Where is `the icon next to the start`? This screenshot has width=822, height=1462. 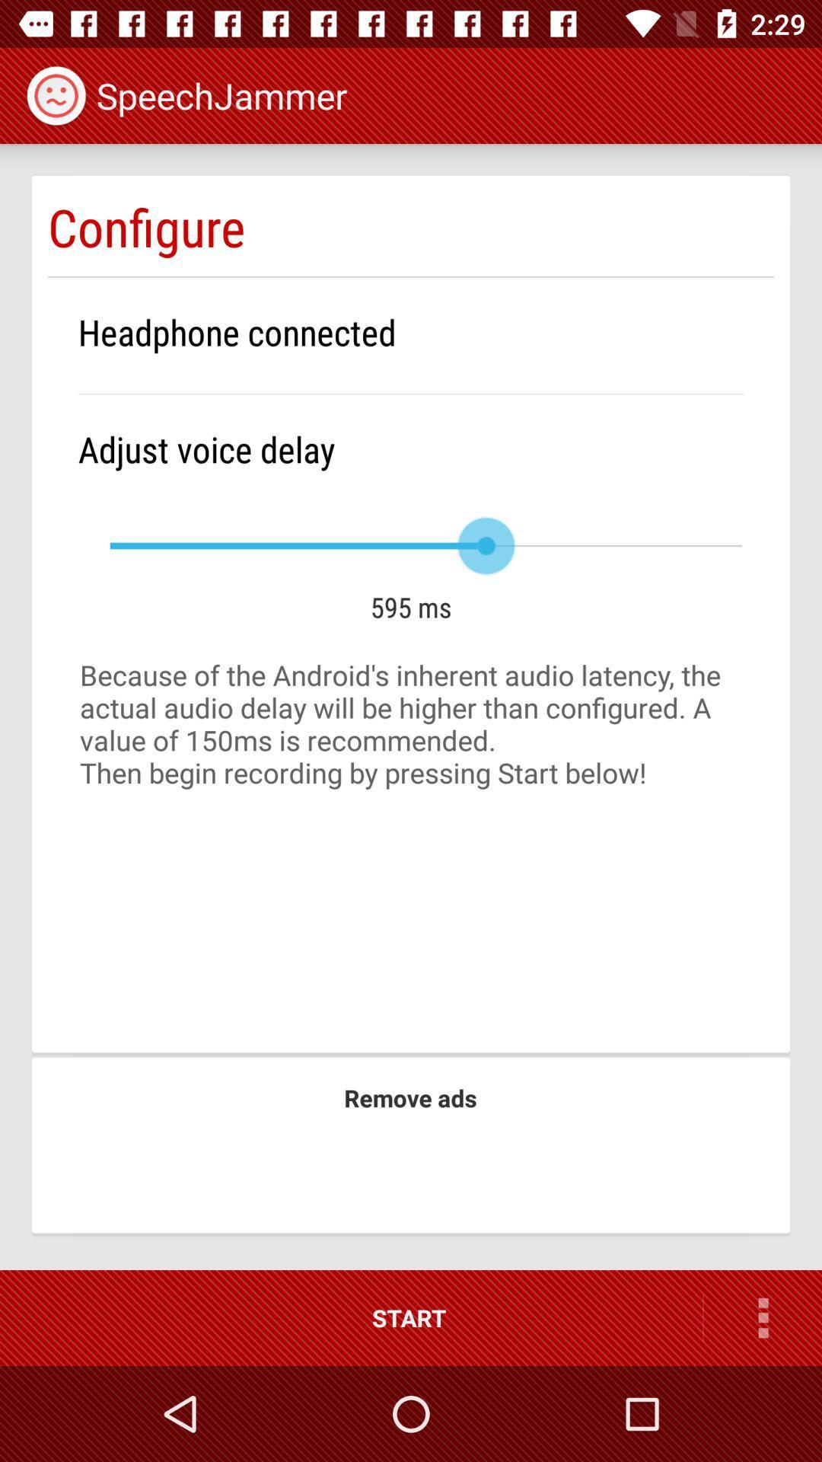 the icon next to the start is located at coordinates (763, 1317).